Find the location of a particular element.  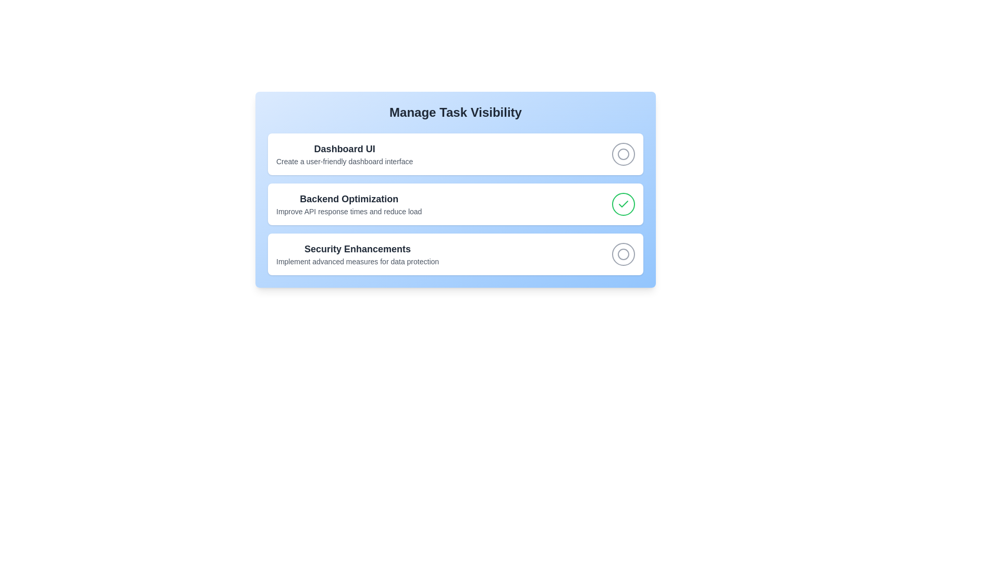

the Text Label titled 'Manage Task Visibility', which is styled in bold, large dark gray font and located at the top of the dashboard is located at coordinates (455, 113).